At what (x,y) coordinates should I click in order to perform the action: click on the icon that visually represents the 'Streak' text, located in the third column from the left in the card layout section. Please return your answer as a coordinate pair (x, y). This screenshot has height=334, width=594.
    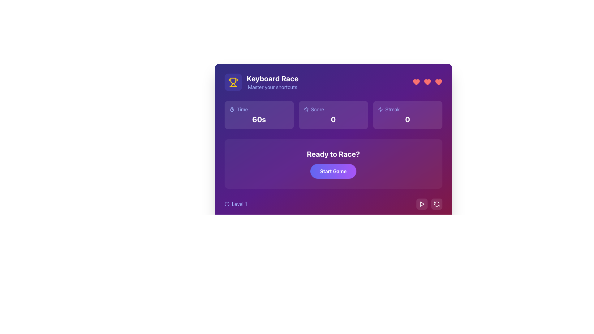
    Looking at the image, I should click on (380, 109).